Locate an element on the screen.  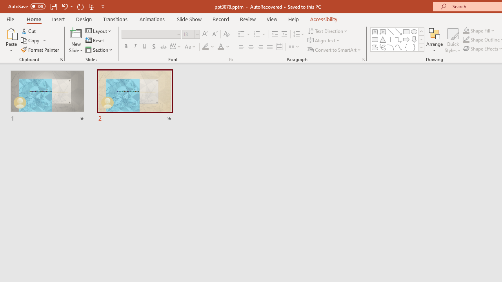
'Row up' is located at coordinates (421, 31).